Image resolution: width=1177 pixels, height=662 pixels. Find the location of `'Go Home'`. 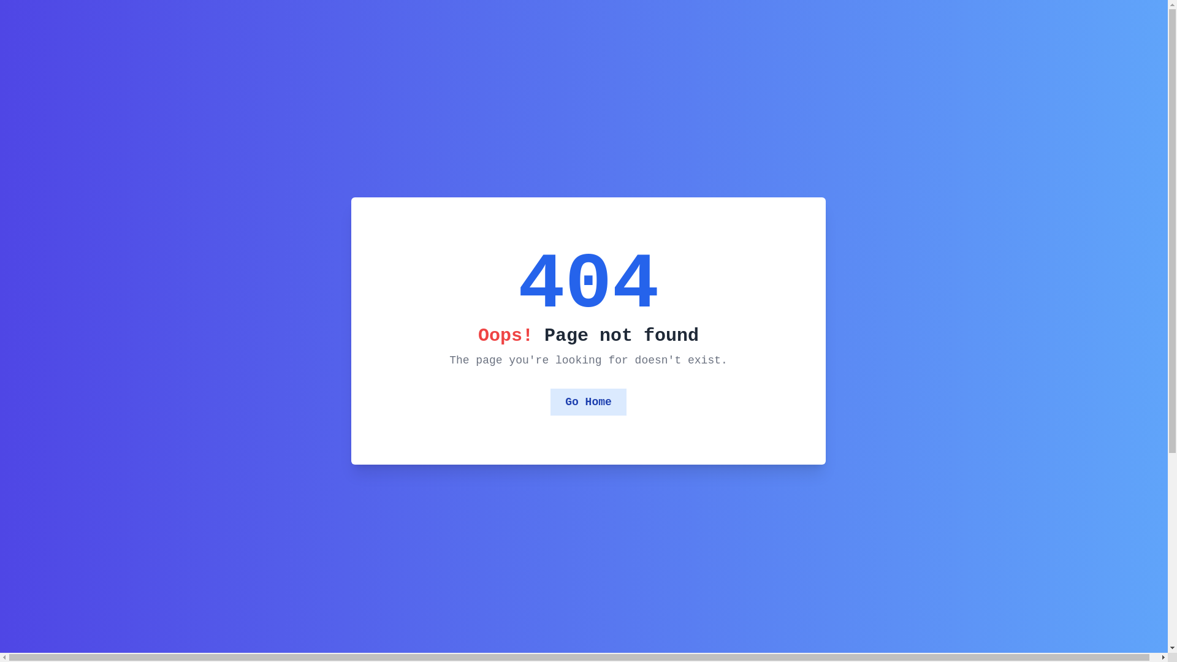

'Go Home' is located at coordinates (588, 401).